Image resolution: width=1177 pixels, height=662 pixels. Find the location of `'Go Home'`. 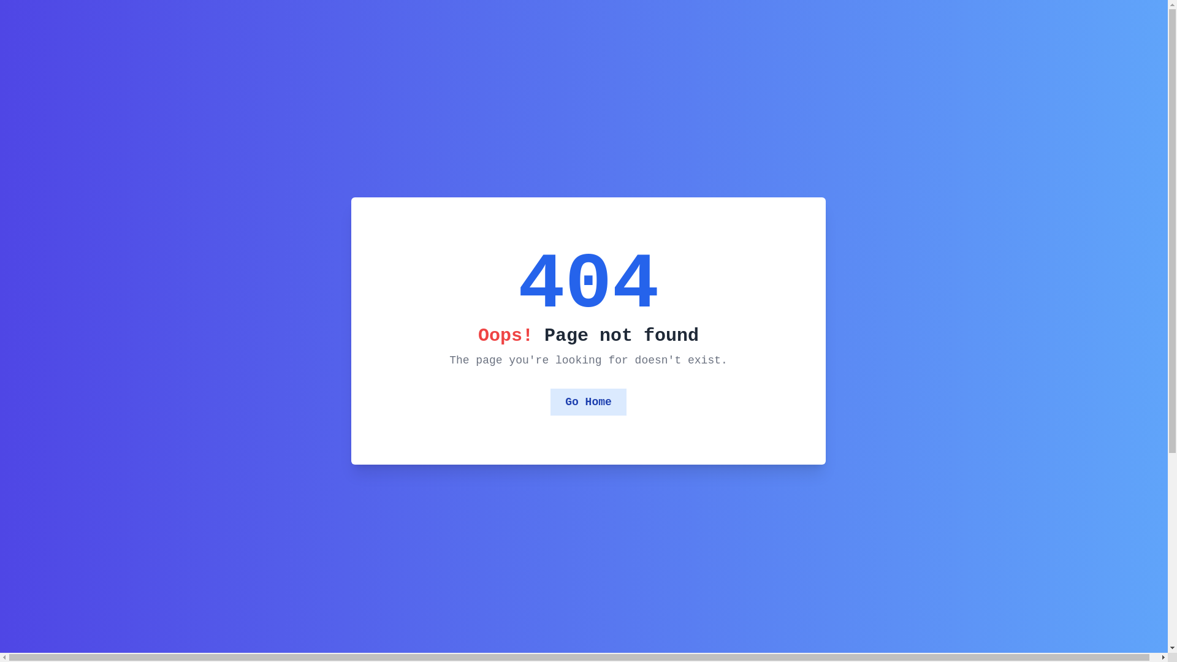

'Go Home' is located at coordinates (588, 401).